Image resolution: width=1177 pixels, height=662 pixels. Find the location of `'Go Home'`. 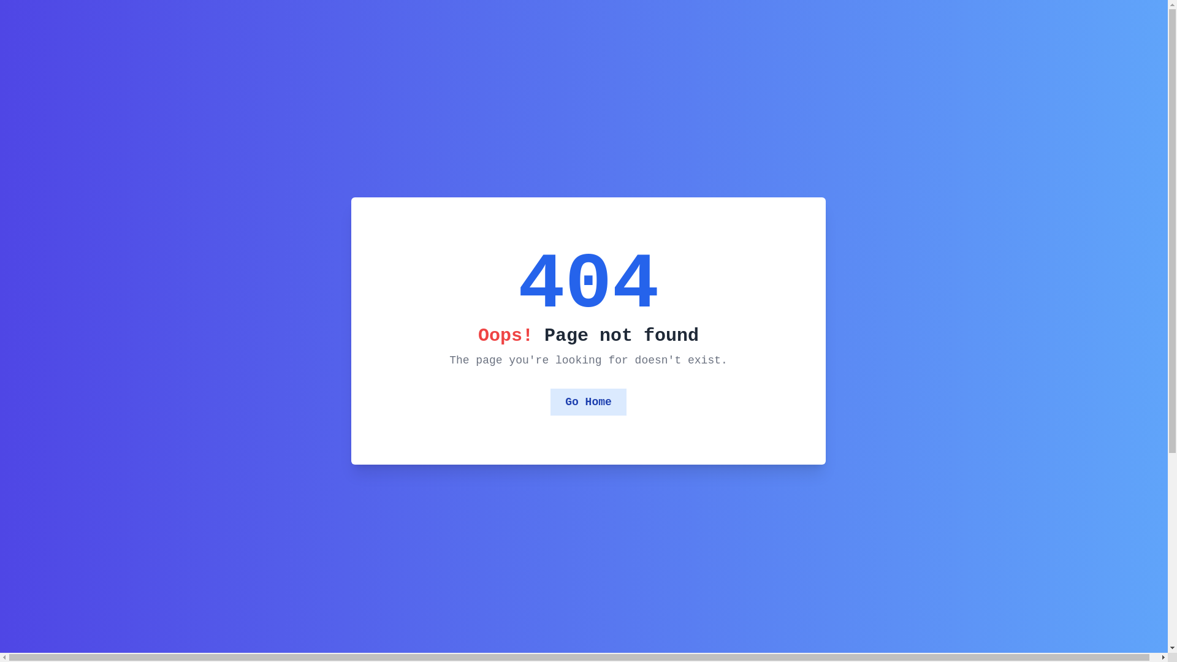

'Go Home' is located at coordinates (588, 401).